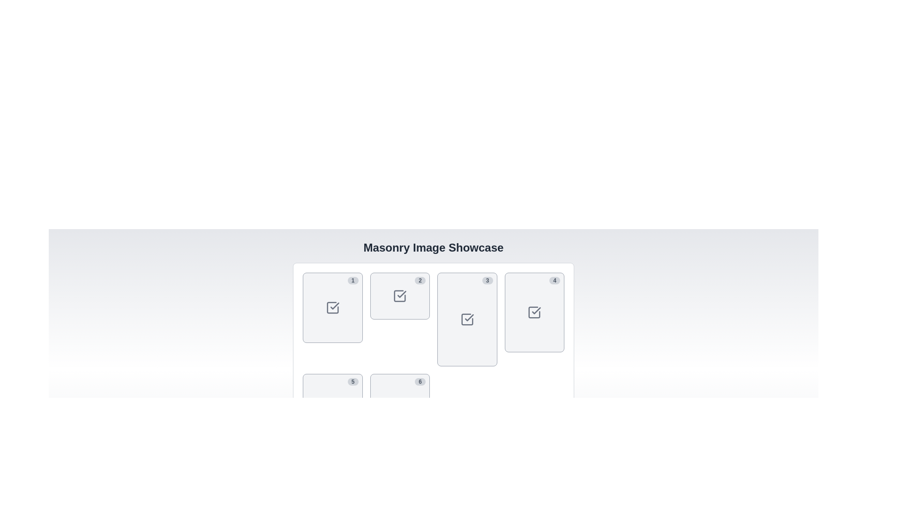 The image size is (900, 506). I want to click on the text label displaying 'Masonry Image Showcase', which is styled in bold and larger than surrounding text, located at the top of the content area above a grid of images, so click(433, 247).